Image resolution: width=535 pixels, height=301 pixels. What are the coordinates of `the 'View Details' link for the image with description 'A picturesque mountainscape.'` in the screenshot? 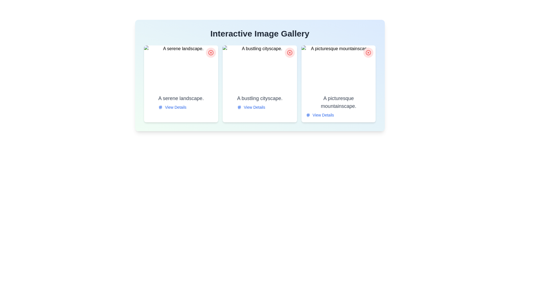 It's located at (320, 115).